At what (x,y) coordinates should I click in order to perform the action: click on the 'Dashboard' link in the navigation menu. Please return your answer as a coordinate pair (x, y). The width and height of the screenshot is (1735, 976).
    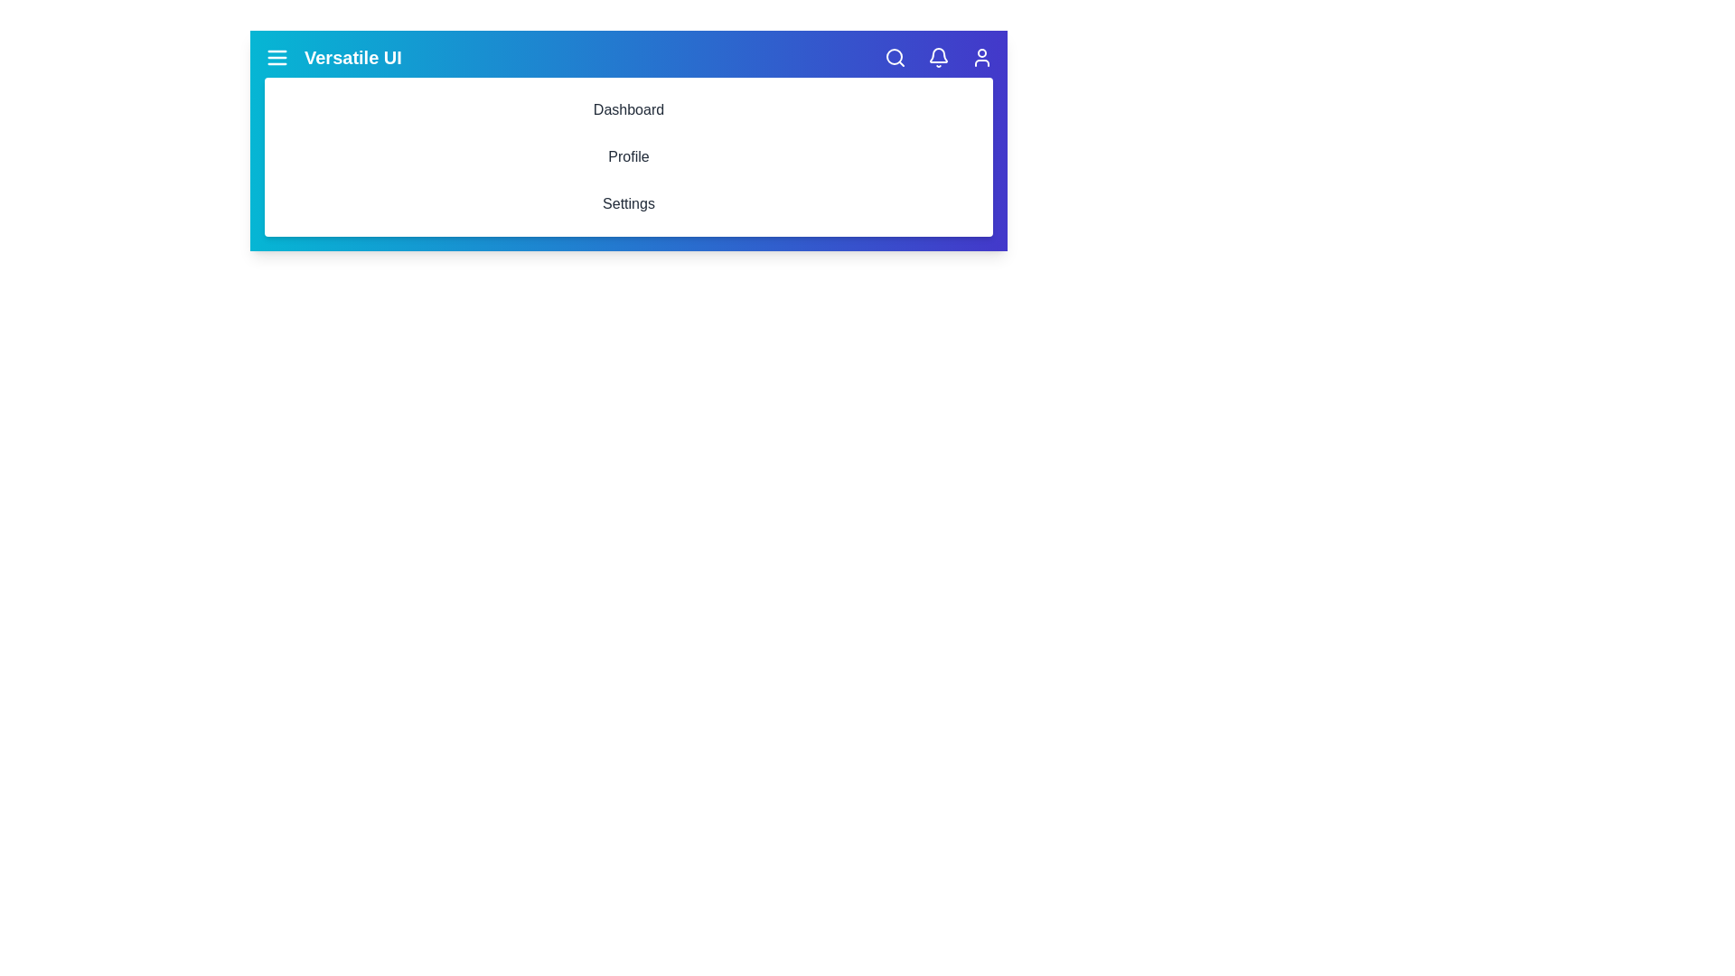
    Looking at the image, I should click on (629, 110).